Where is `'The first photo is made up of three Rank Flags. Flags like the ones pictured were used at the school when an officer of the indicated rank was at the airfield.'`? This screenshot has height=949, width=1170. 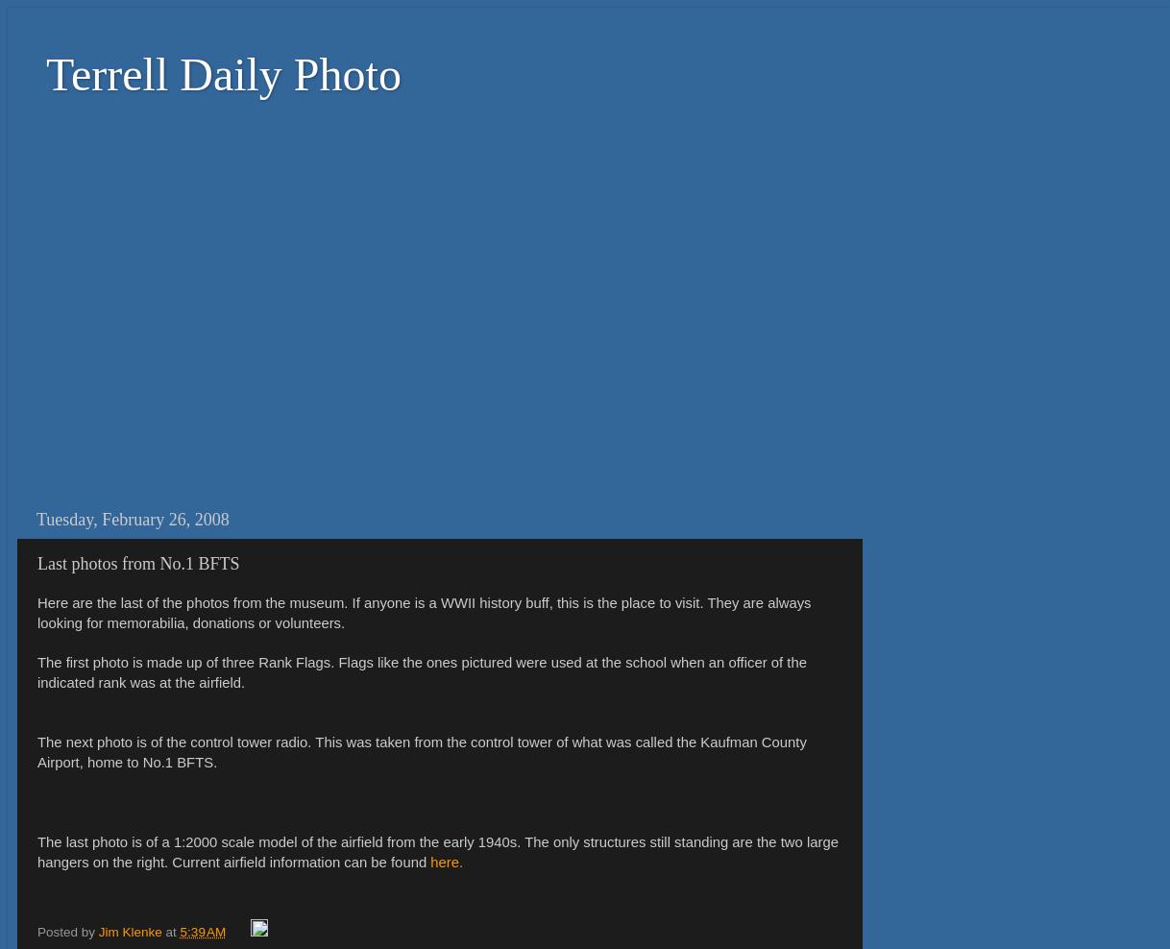
'The first photo is made up of three Rank Flags. Flags like the ones pictured were used at the school when an officer of the indicated rank was at the airfield.' is located at coordinates (421, 672).